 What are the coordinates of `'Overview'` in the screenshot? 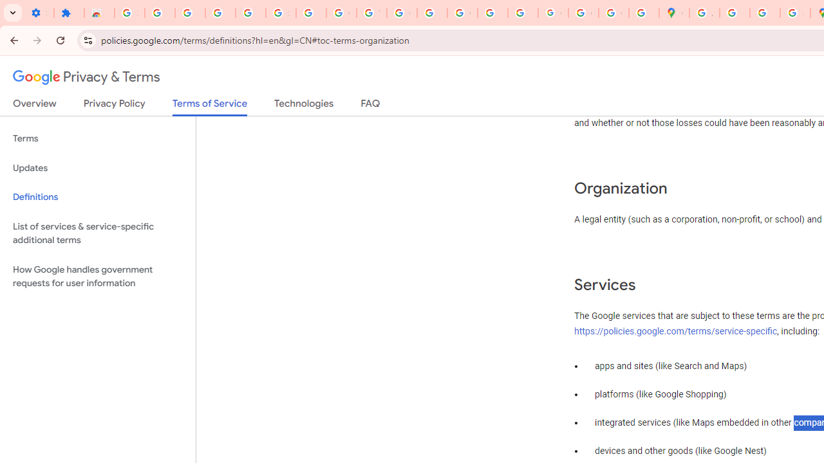 It's located at (35, 105).